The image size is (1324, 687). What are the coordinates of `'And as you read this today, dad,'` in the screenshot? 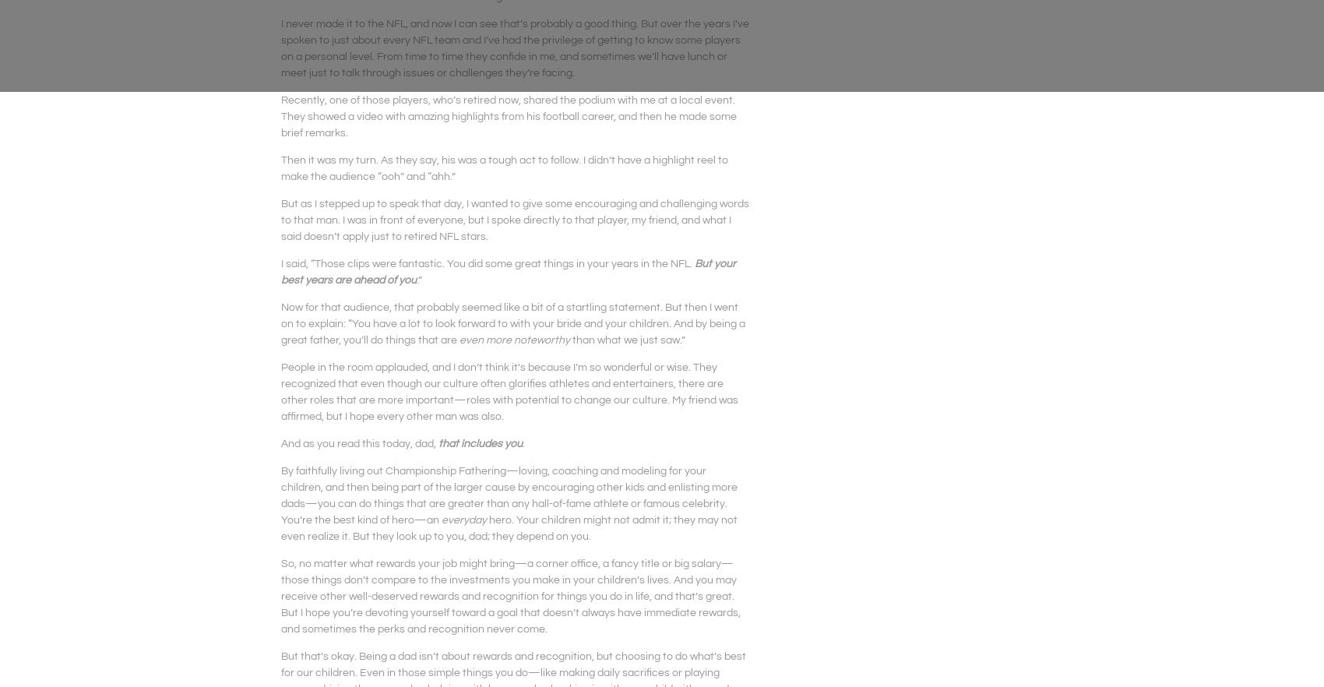 It's located at (360, 442).